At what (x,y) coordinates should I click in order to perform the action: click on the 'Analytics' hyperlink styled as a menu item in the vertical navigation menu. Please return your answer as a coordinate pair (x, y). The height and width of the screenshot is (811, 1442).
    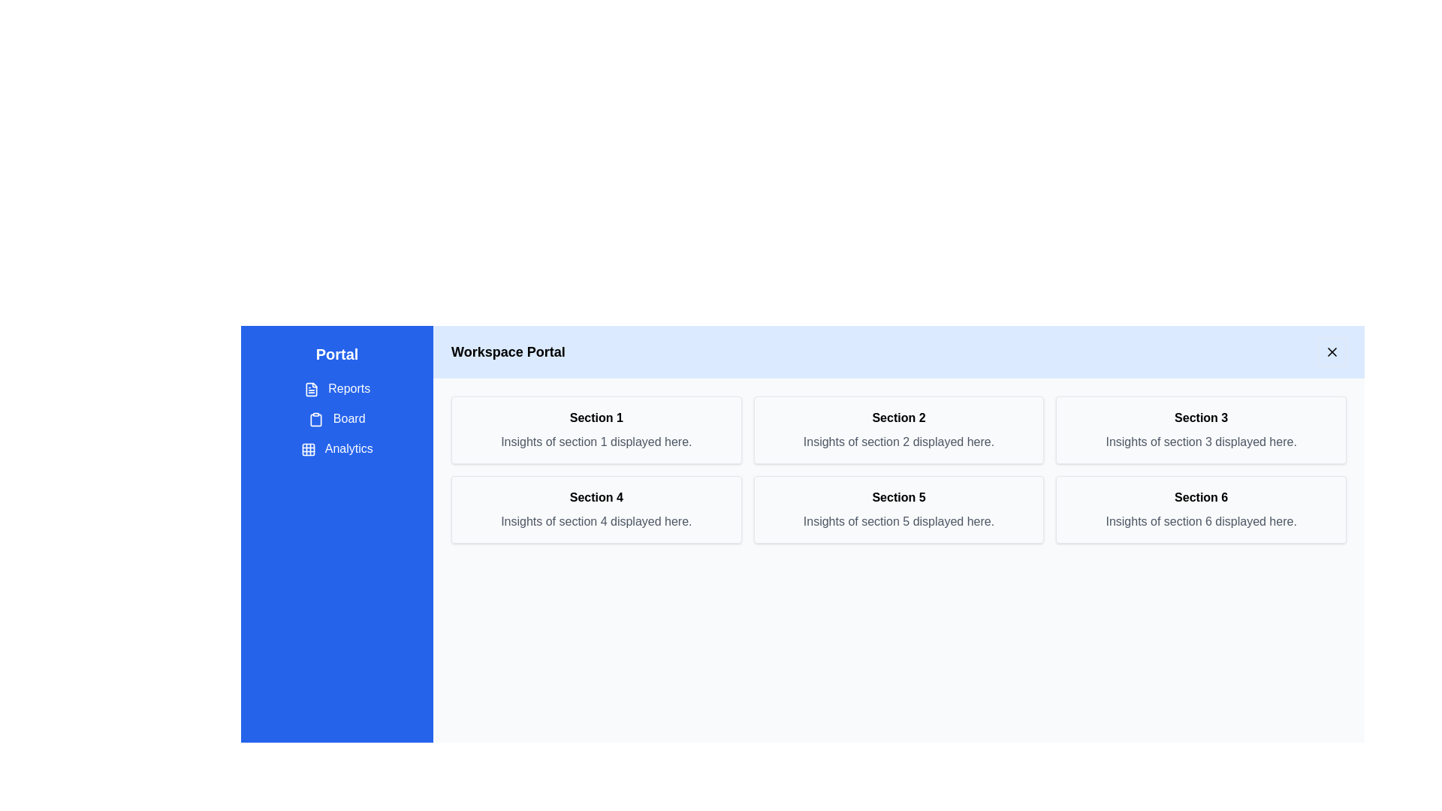
    Looking at the image, I should click on (336, 448).